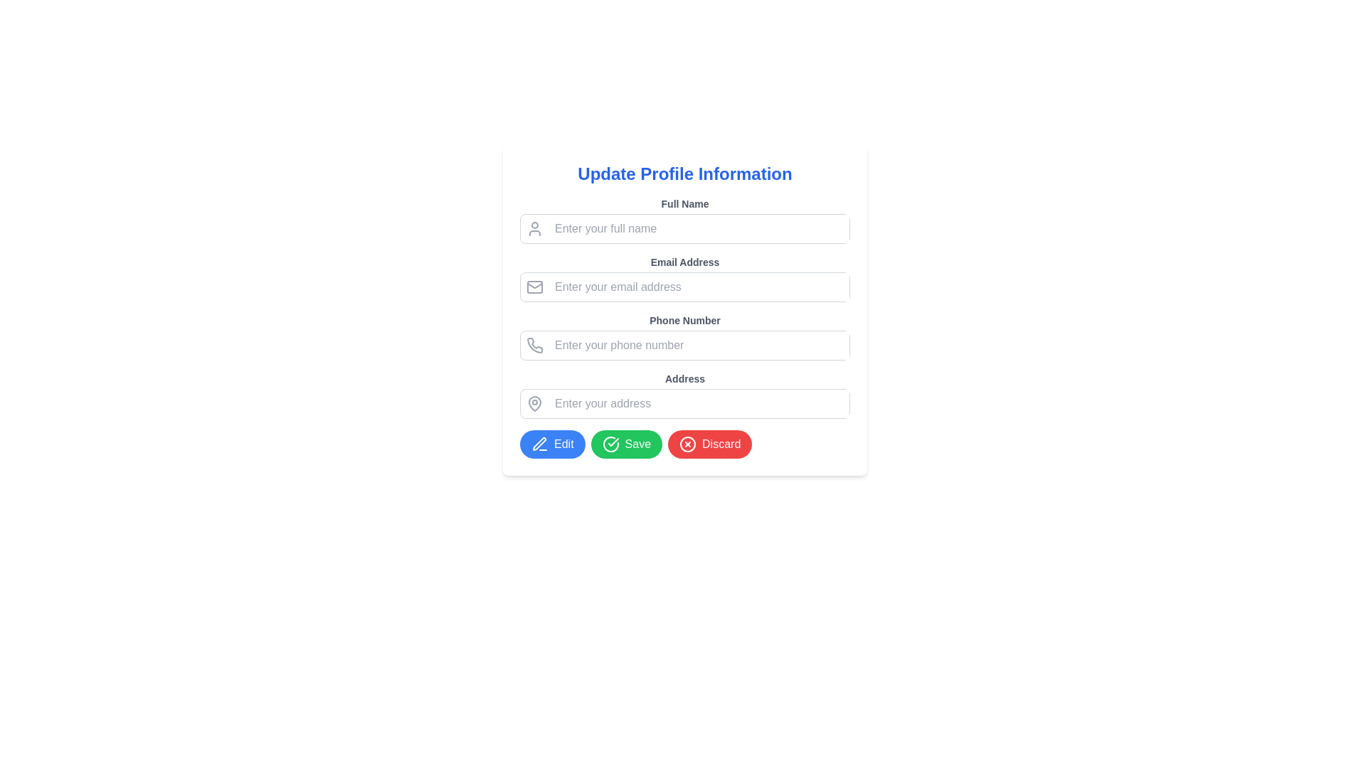 This screenshot has width=1366, height=768. I want to click on the 'Phone Number' text label in the 'Update Profile Information' form, which is the third label above the phone number input field, so click(685, 321).